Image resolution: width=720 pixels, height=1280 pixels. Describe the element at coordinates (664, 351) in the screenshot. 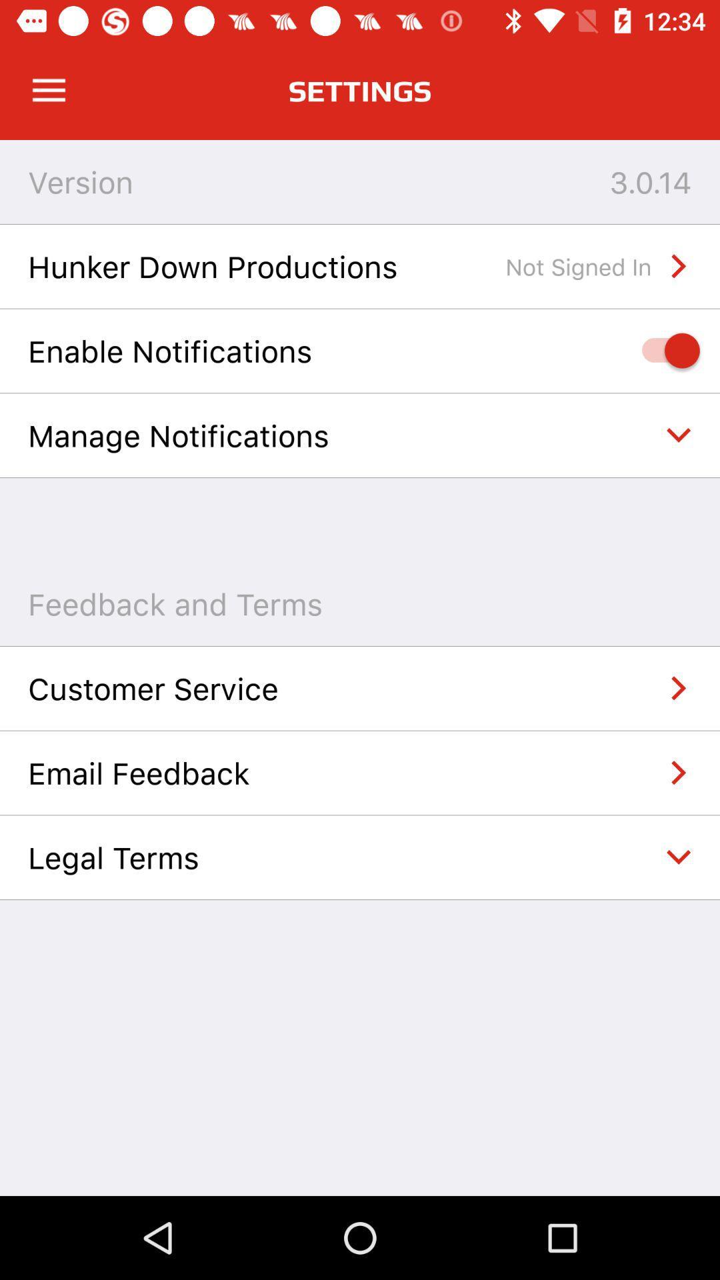

I see `icon below hunker down productions item` at that location.